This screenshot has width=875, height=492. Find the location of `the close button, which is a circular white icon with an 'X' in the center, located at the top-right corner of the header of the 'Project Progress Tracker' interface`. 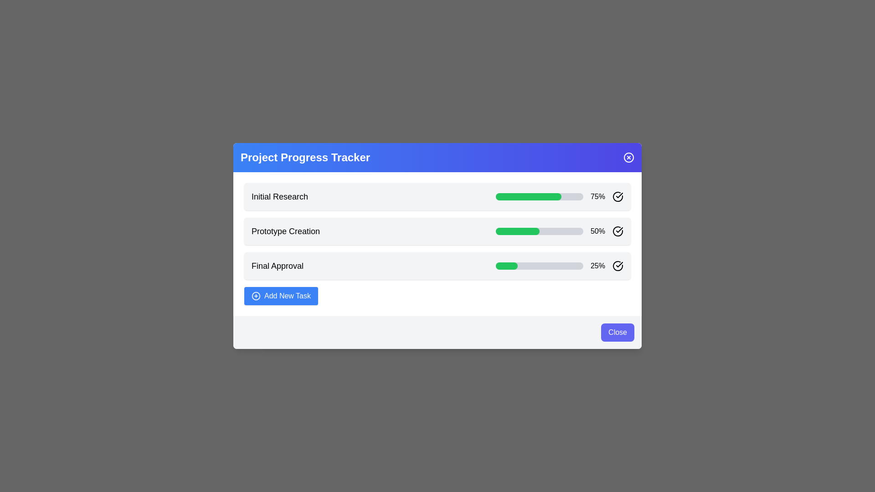

the close button, which is a circular white icon with an 'X' in the center, located at the top-right corner of the header of the 'Project Progress Tracker' interface is located at coordinates (628, 157).